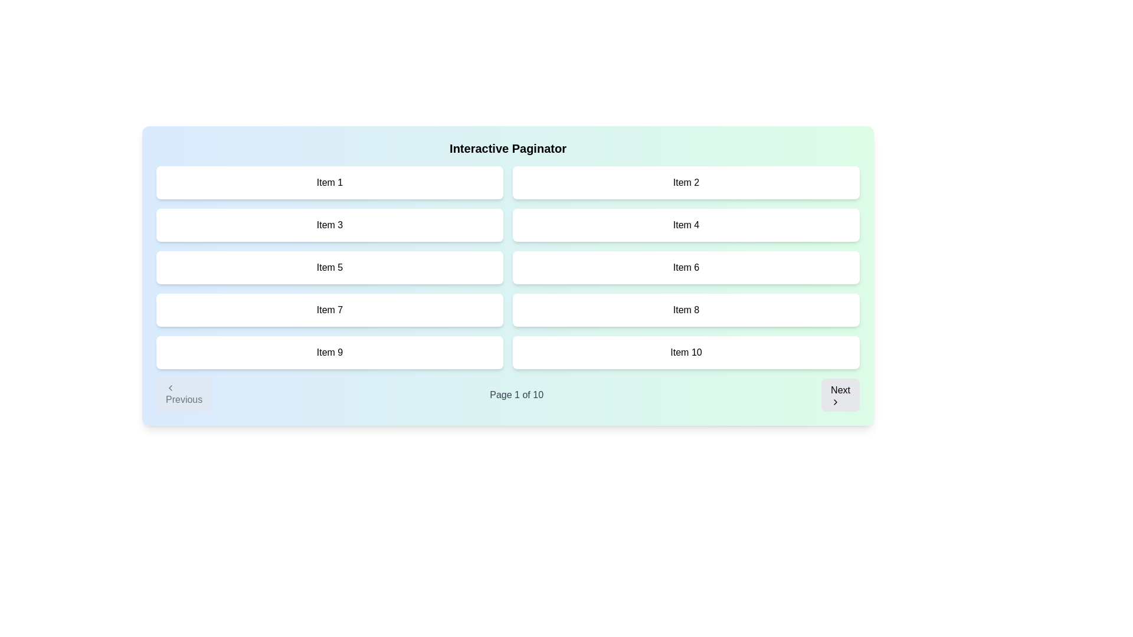 The image size is (1133, 637). Describe the element at coordinates (329, 268) in the screenshot. I see `the Text label representing the fifth item in the list, located in the middle section of the column between 'Item 3' and 'Item 7'` at that location.